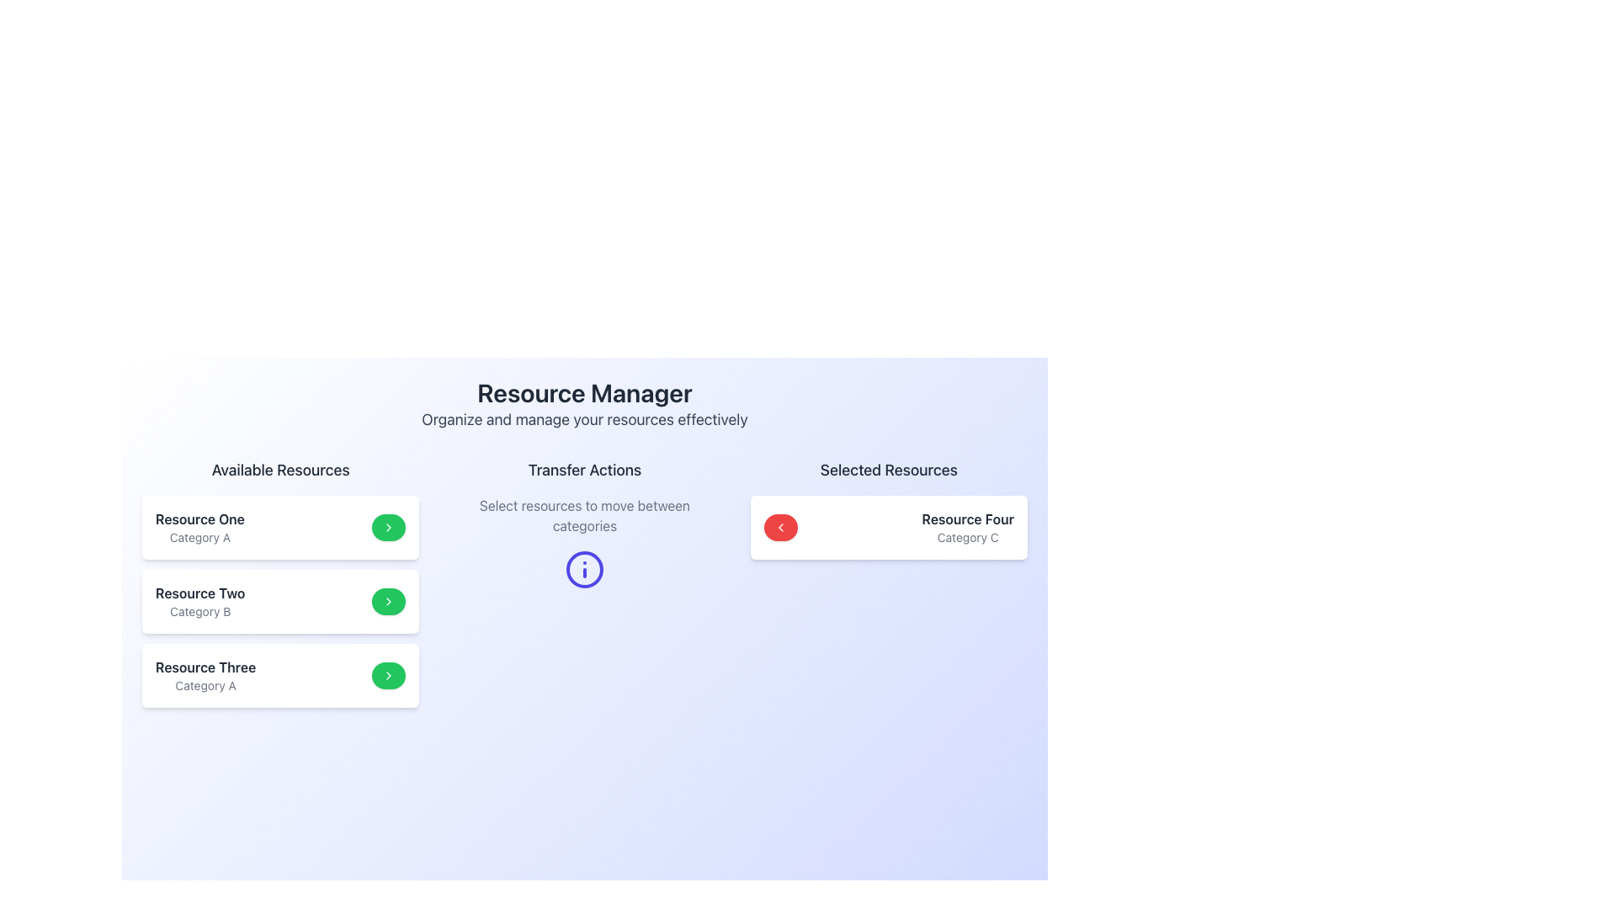 This screenshot has width=1616, height=909. What do you see at coordinates (779, 527) in the screenshot?
I see `the Icon Button located at the top-left corner of the 'Resource Four' card in the 'Selected Resources' section` at bounding box center [779, 527].